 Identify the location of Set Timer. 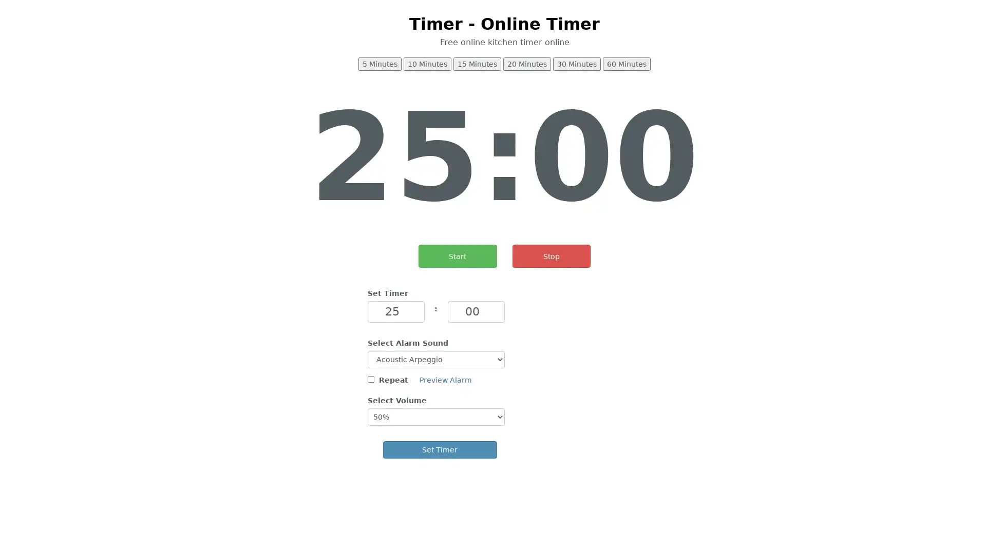
(440, 448).